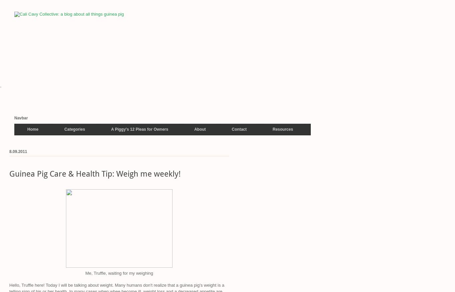 This screenshot has height=292, width=455. I want to click on 'Resources', so click(282, 128).